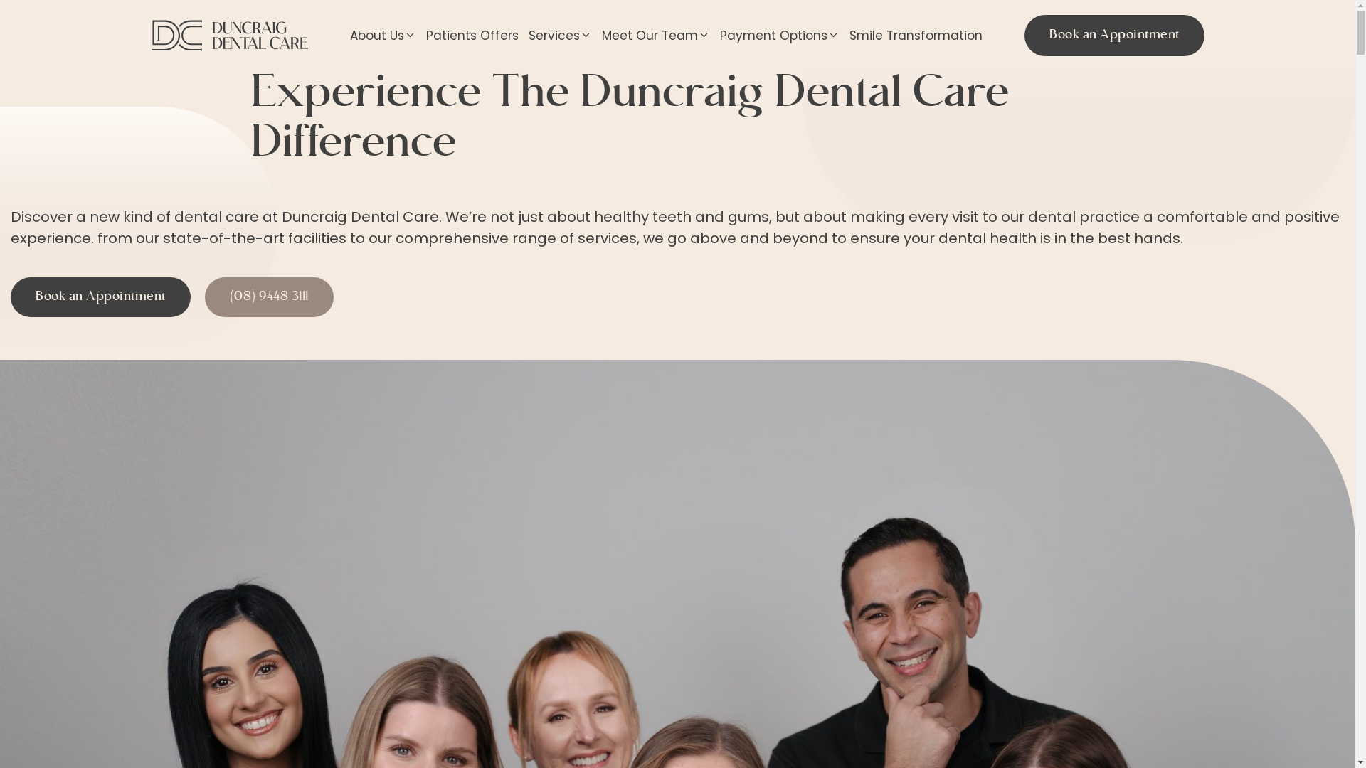 The width and height of the screenshot is (1366, 768). I want to click on 'Book an Appointment', so click(1113, 35).